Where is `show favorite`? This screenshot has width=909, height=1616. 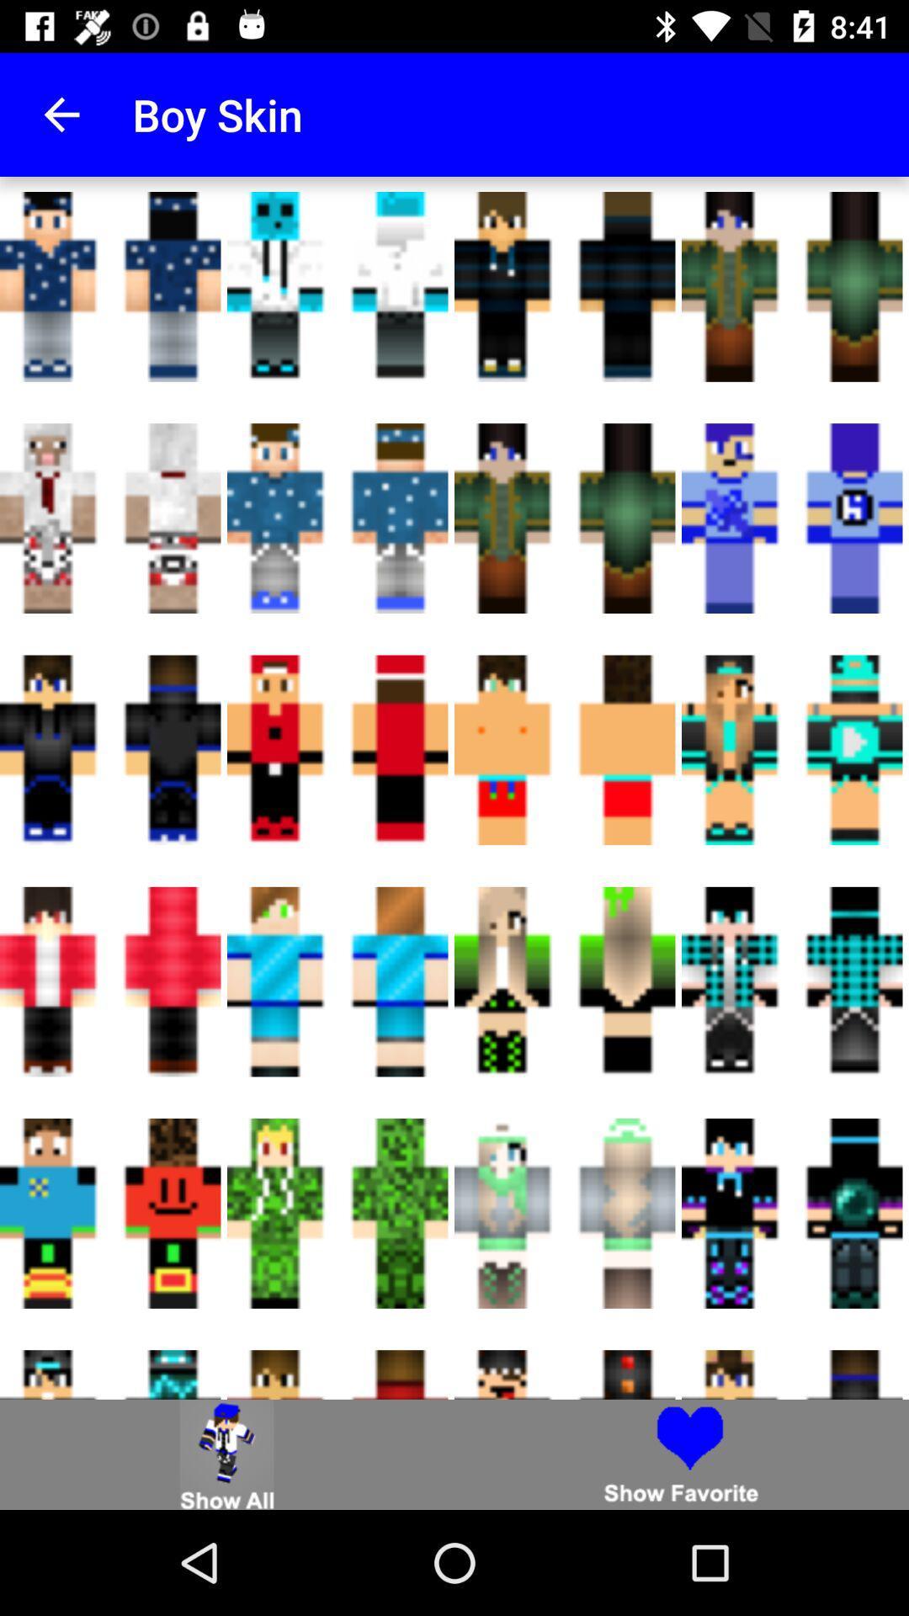
show favorite is located at coordinates (682, 1454).